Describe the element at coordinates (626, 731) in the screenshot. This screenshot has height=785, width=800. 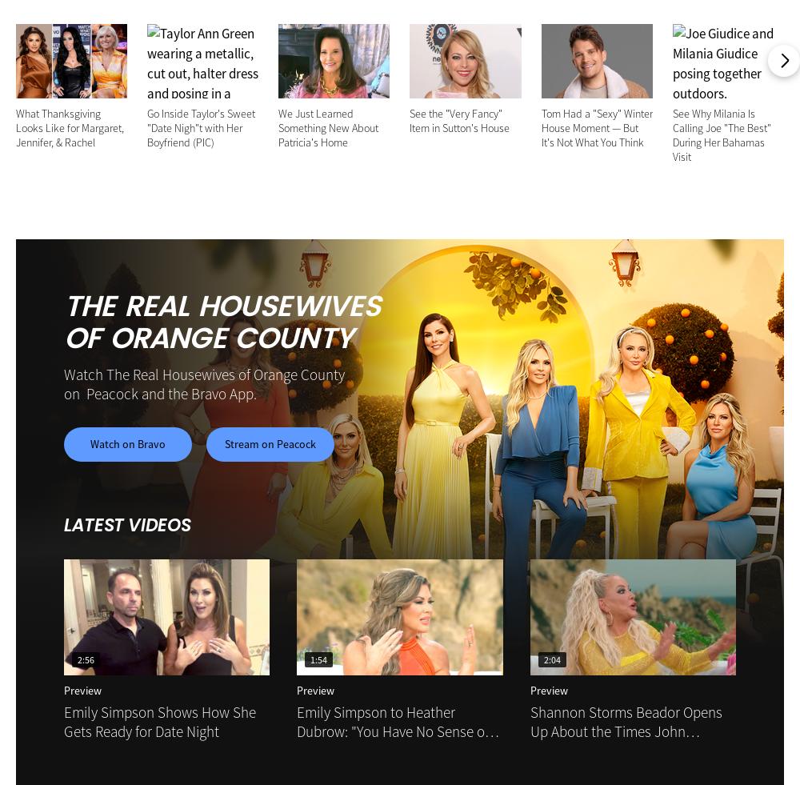
I see `'Shannon Storms Beador Opens Up About the Times John Janssen Would "Ghost" Her'` at that location.